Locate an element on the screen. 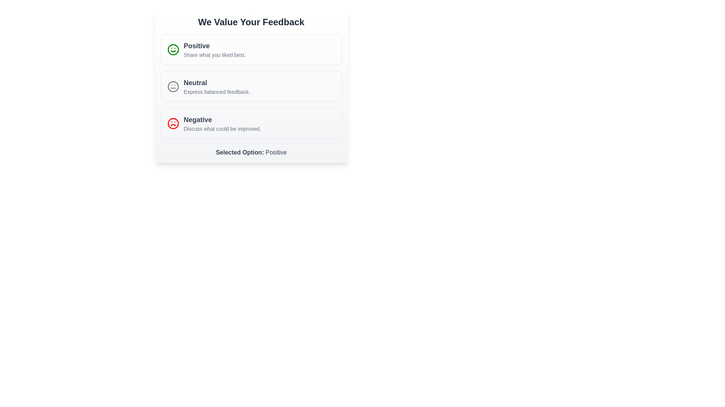 The height and width of the screenshot is (407, 725). to select the 'Neutral' feedback option in the second section of the Interactive option card titled 'We Value Your Feedback' is located at coordinates (251, 86).